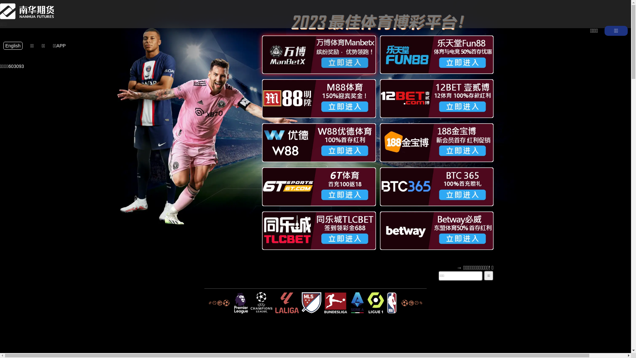 The image size is (636, 358). Describe the element at coordinates (3, 45) in the screenshot. I see `'English'` at that location.